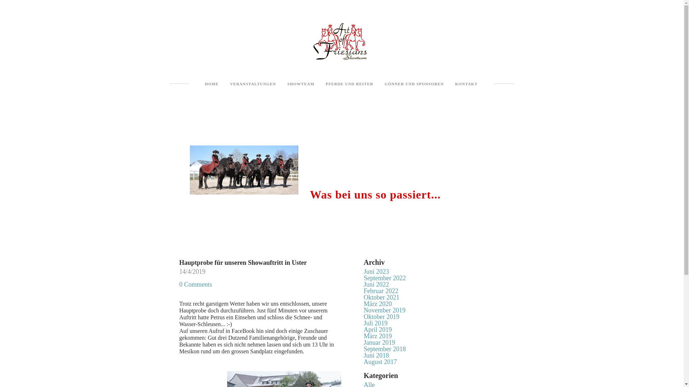 Image resolution: width=689 pixels, height=387 pixels. What do you see at coordinates (379, 342) in the screenshot?
I see `'Januar 2019'` at bounding box center [379, 342].